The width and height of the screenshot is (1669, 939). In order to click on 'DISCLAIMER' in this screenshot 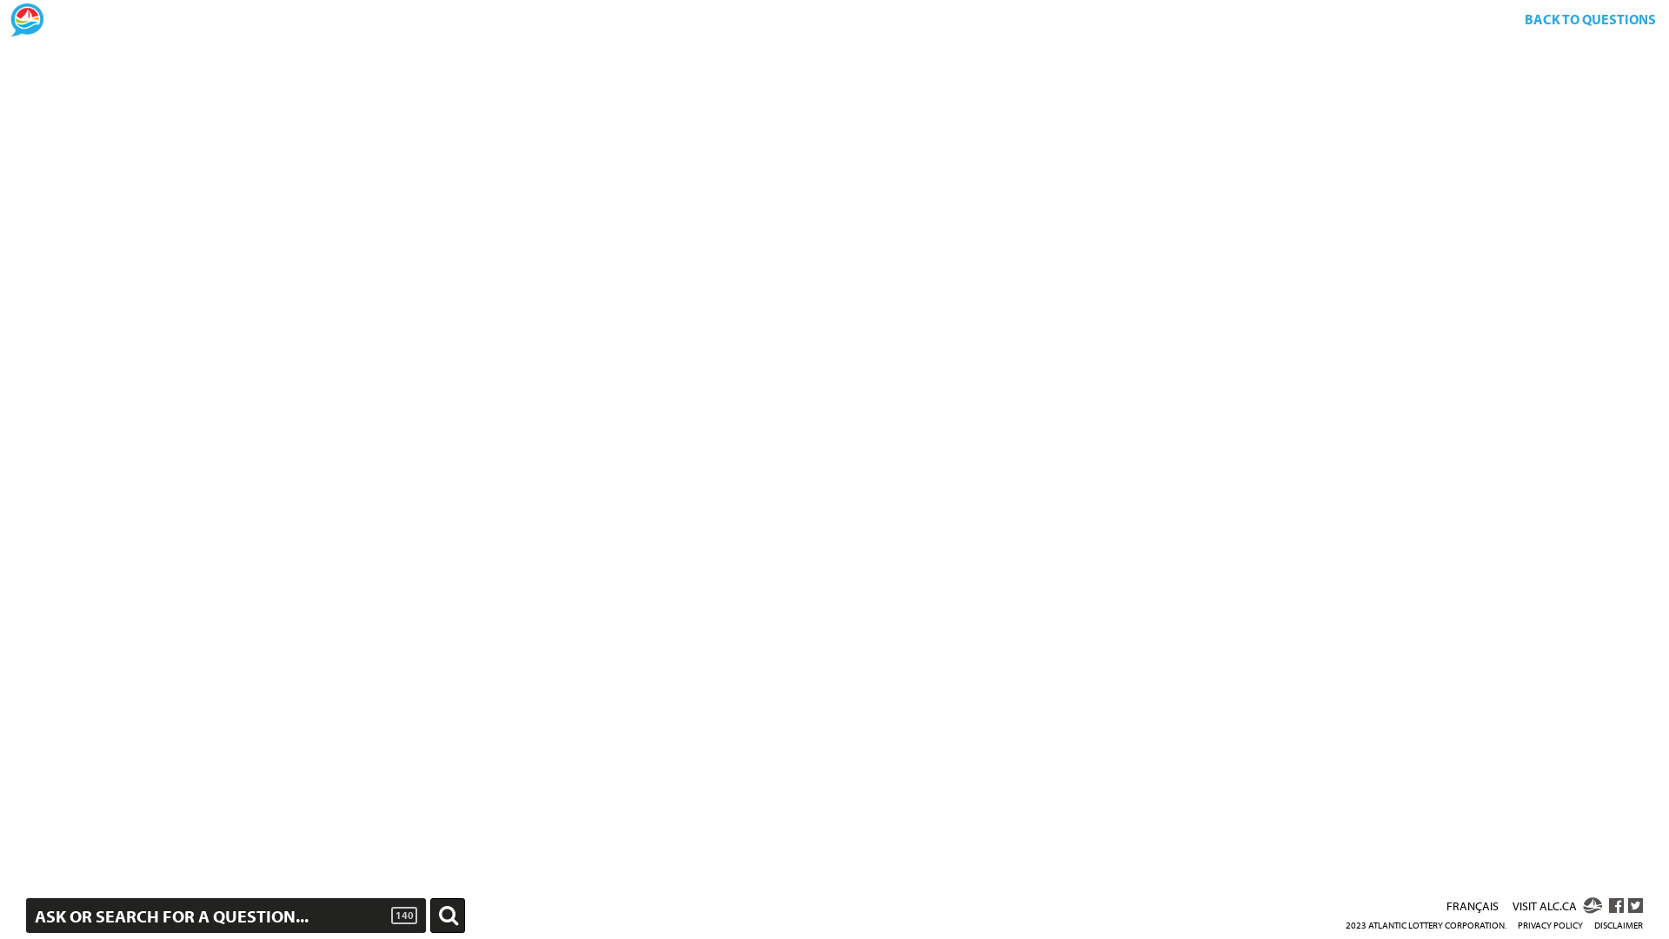, I will do `click(1618, 924)`.